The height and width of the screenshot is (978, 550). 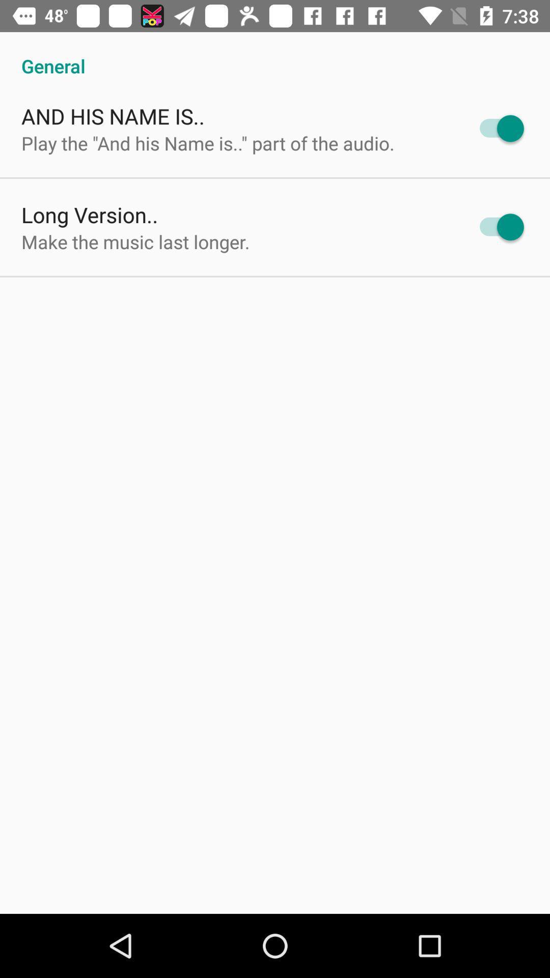 I want to click on general item, so click(x=275, y=55).